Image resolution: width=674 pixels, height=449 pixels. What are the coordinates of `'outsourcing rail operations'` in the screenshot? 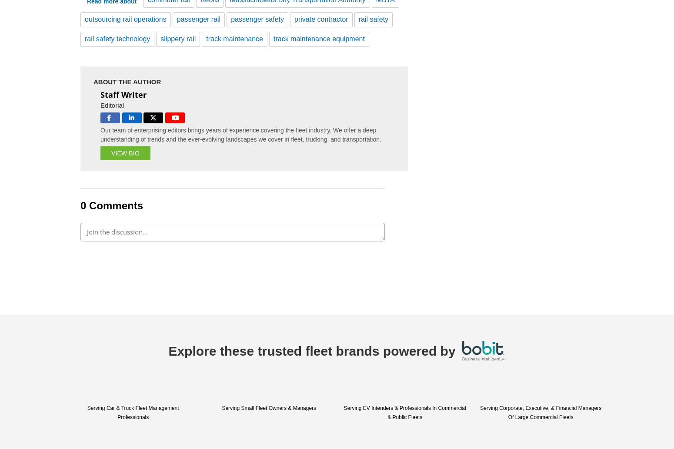 It's located at (84, 19).